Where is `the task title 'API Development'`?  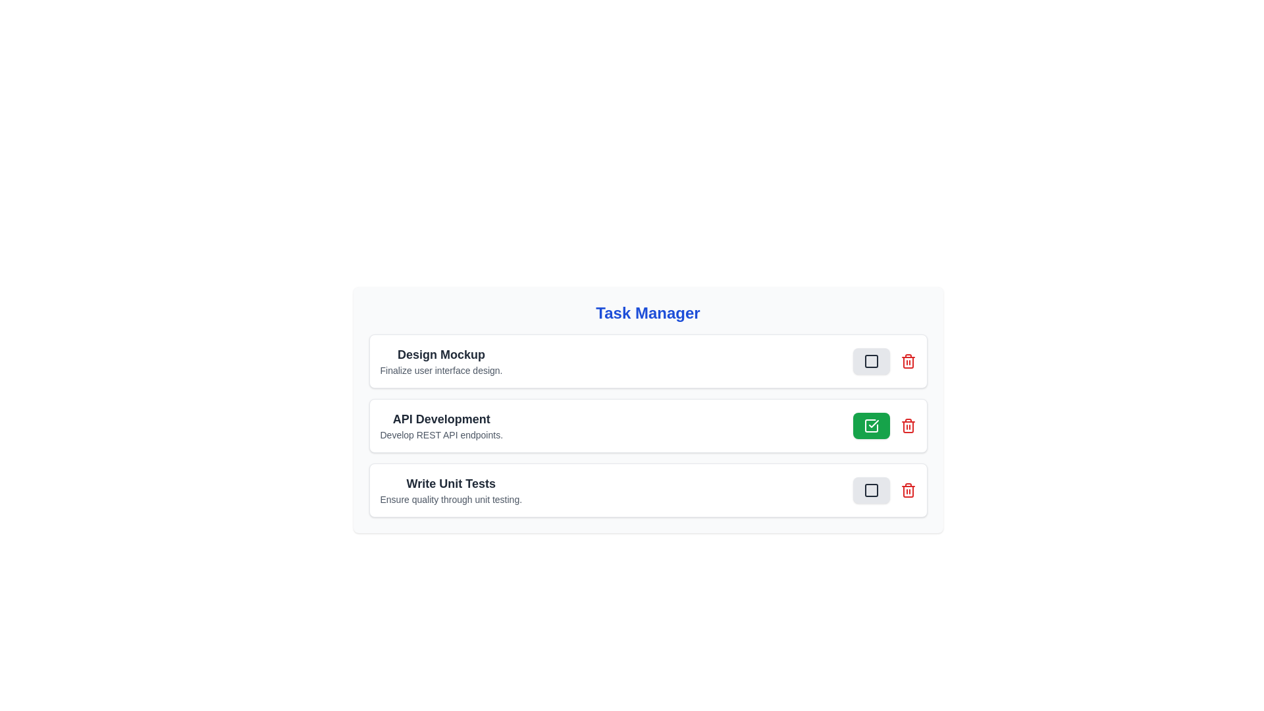 the task title 'API Development' is located at coordinates (648, 426).